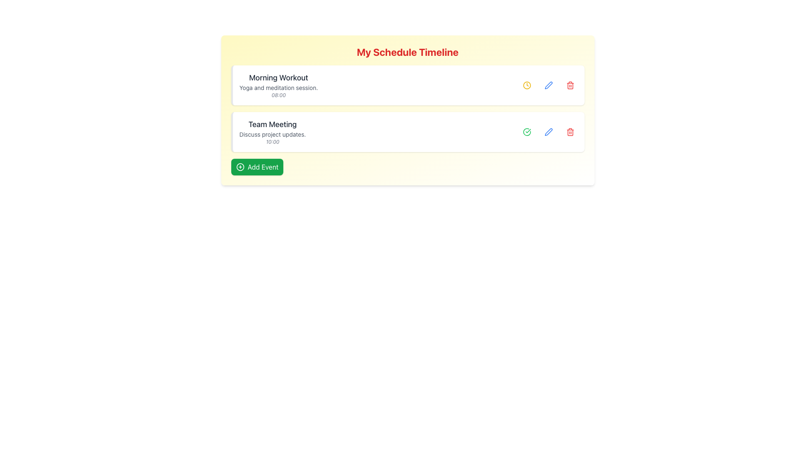 Image resolution: width=800 pixels, height=450 pixels. I want to click on the 'Add Event' button located at the bottom of the schedule card, so click(257, 167).